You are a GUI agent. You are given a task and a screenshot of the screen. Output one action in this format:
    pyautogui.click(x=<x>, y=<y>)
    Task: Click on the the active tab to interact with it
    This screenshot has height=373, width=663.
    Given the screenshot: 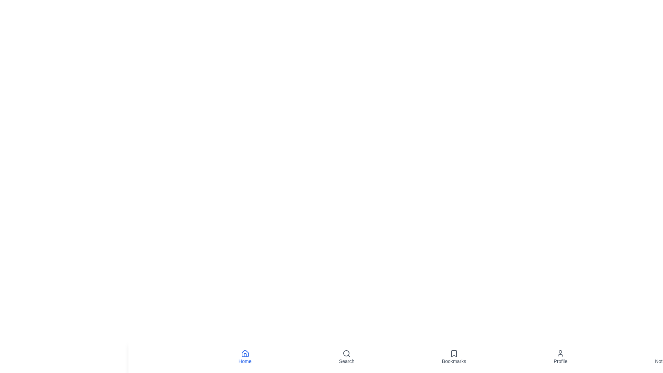 What is the action you would take?
    pyautogui.click(x=245, y=357)
    